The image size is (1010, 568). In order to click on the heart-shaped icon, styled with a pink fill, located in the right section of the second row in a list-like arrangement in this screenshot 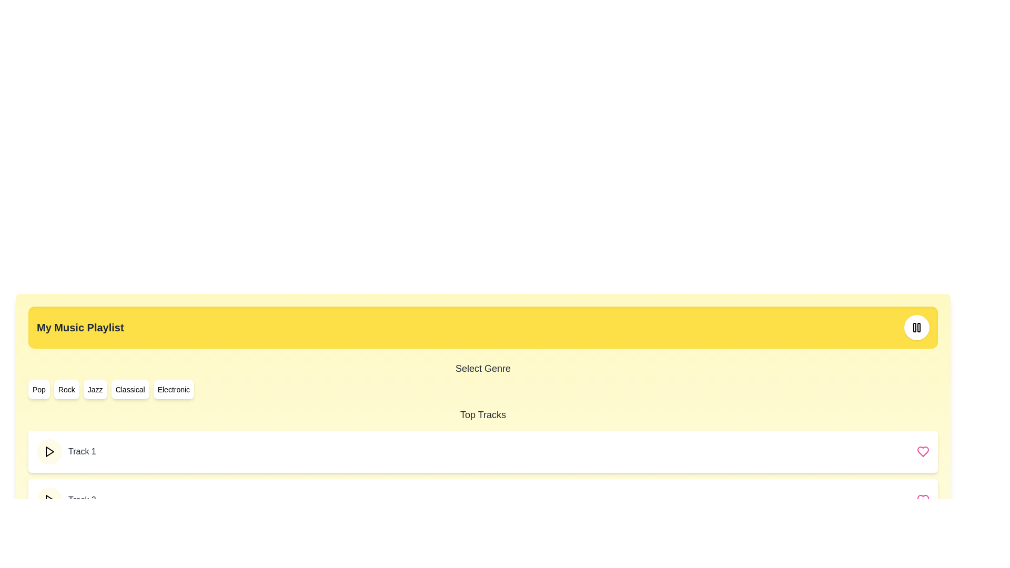, I will do `click(923, 500)`.